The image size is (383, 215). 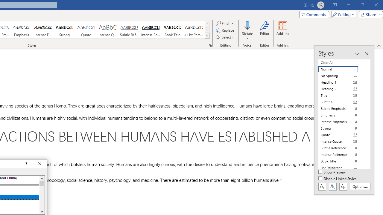 What do you see at coordinates (41, 178) in the screenshot?
I see `'Line up'` at bounding box center [41, 178].